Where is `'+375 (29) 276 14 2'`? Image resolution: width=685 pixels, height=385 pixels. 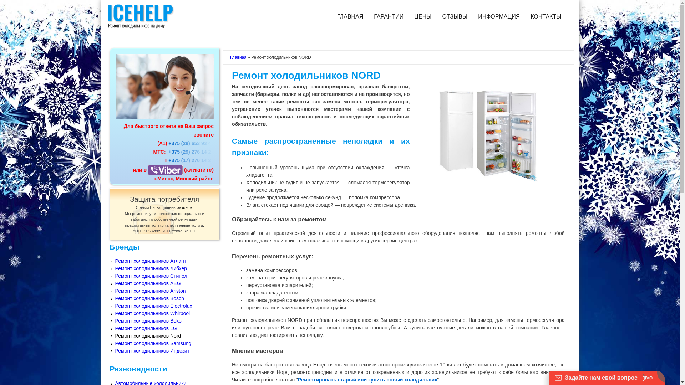 '+375 (29) 276 14 2' is located at coordinates (168, 151).